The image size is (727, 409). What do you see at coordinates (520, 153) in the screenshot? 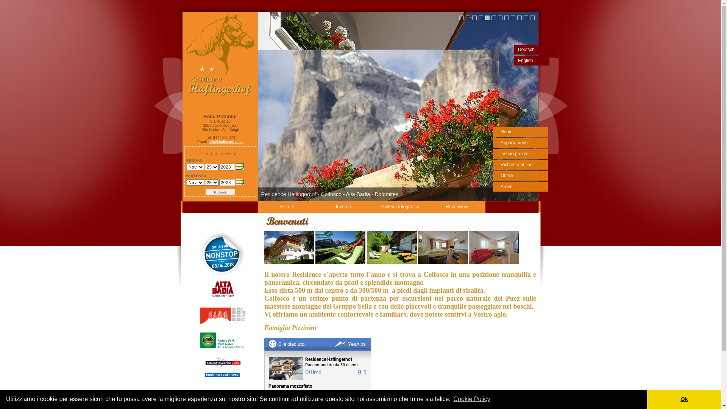
I see `'Listino prezzi'` at bounding box center [520, 153].